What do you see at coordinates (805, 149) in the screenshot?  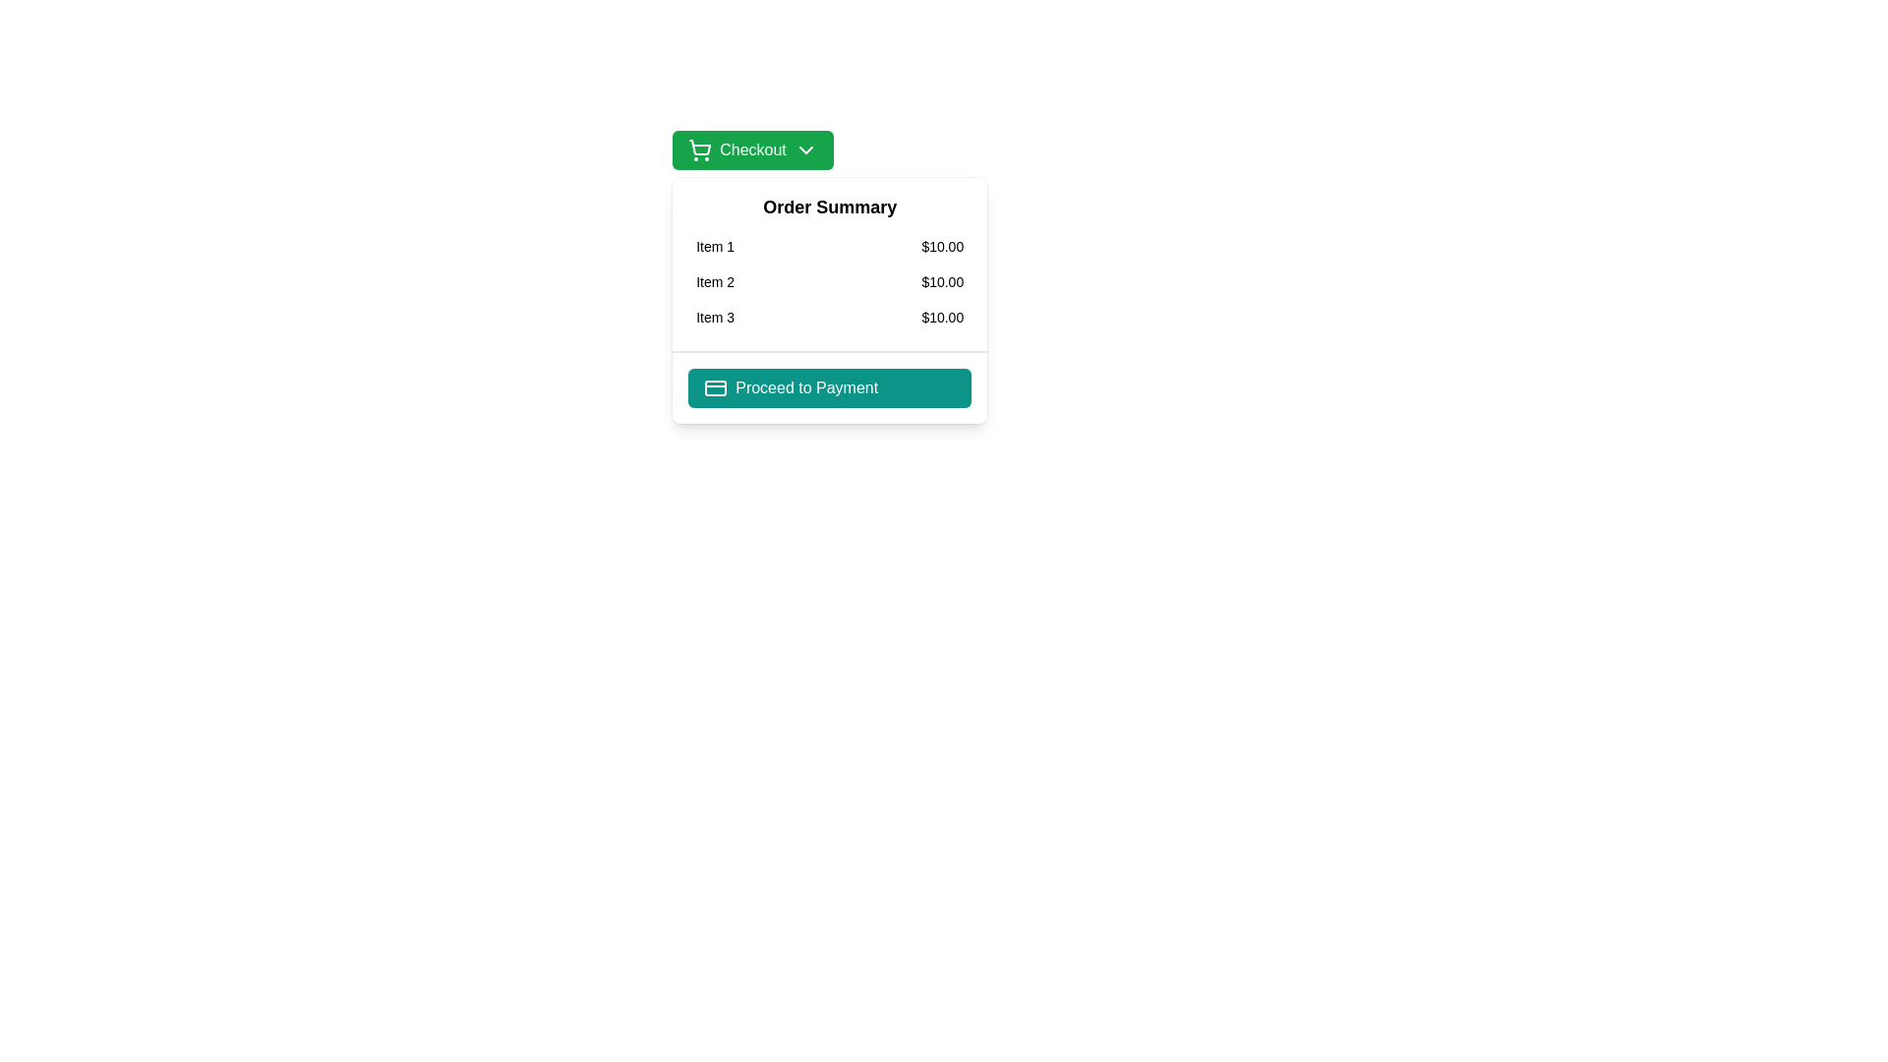 I see `the downward-pointing chevron icon with a green background located to the right of the 'Checkout' text within the green 'Checkout' button` at bounding box center [805, 149].